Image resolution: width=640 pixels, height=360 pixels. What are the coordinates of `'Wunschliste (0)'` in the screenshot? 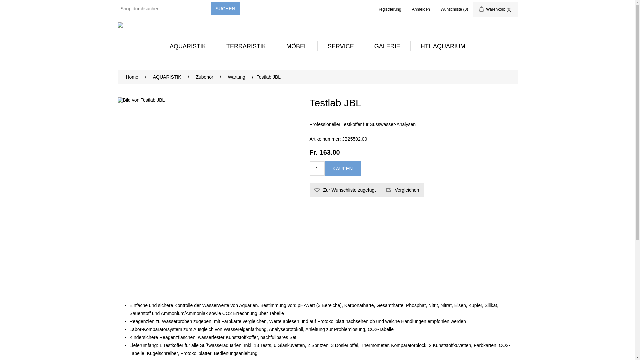 It's located at (440, 9).